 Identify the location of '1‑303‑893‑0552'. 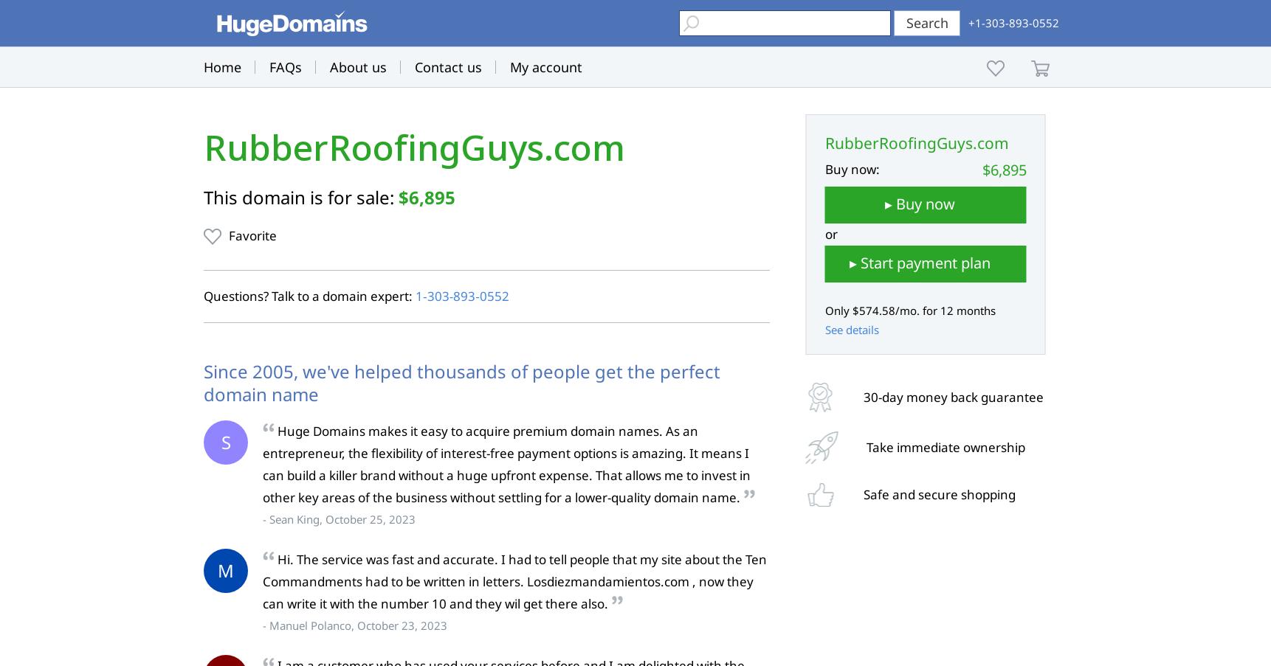
(461, 295).